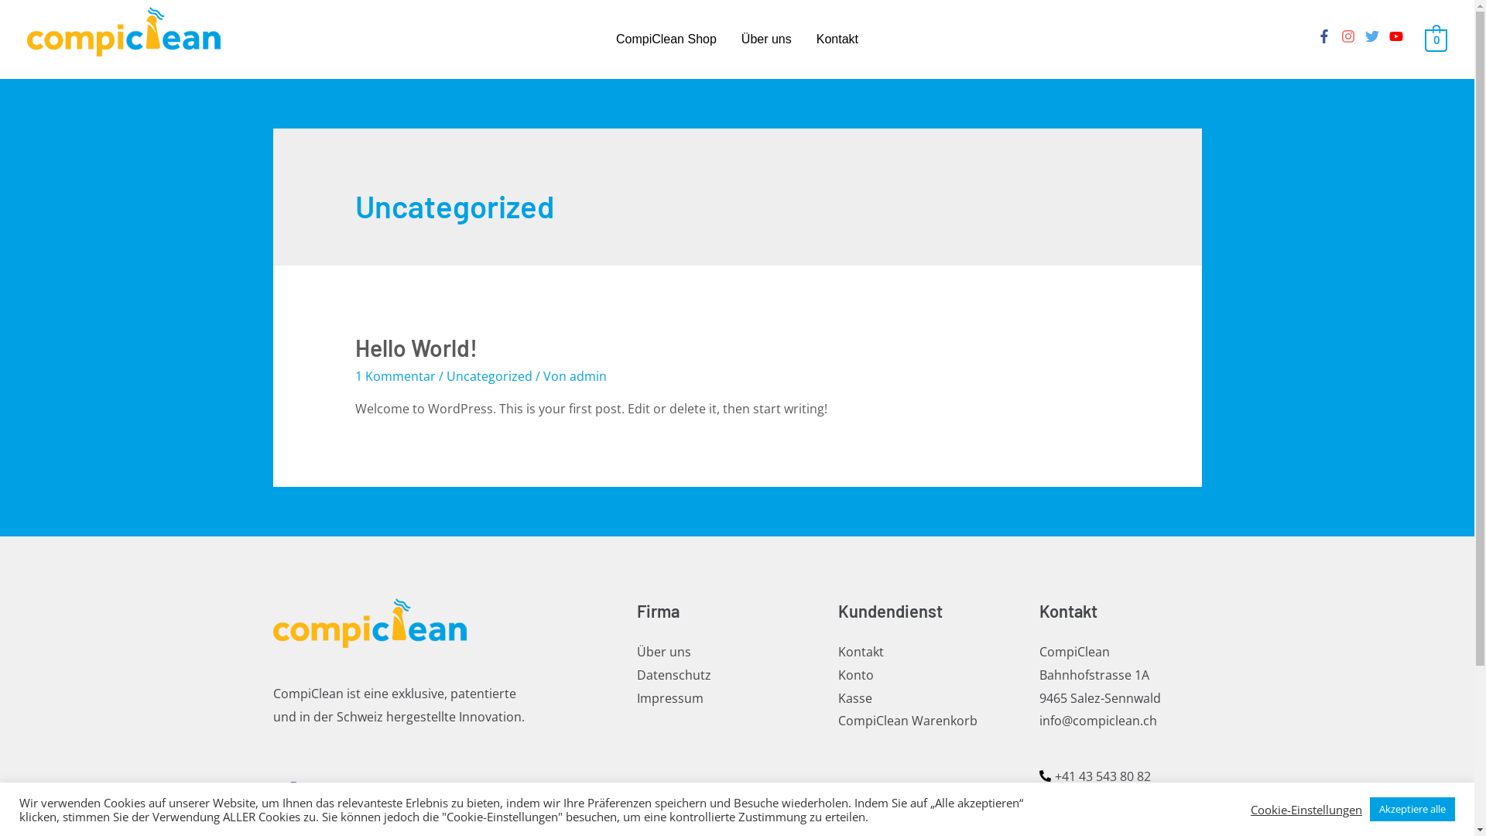  What do you see at coordinates (854, 697) in the screenshot?
I see `'Kasse'` at bounding box center [854, 697].